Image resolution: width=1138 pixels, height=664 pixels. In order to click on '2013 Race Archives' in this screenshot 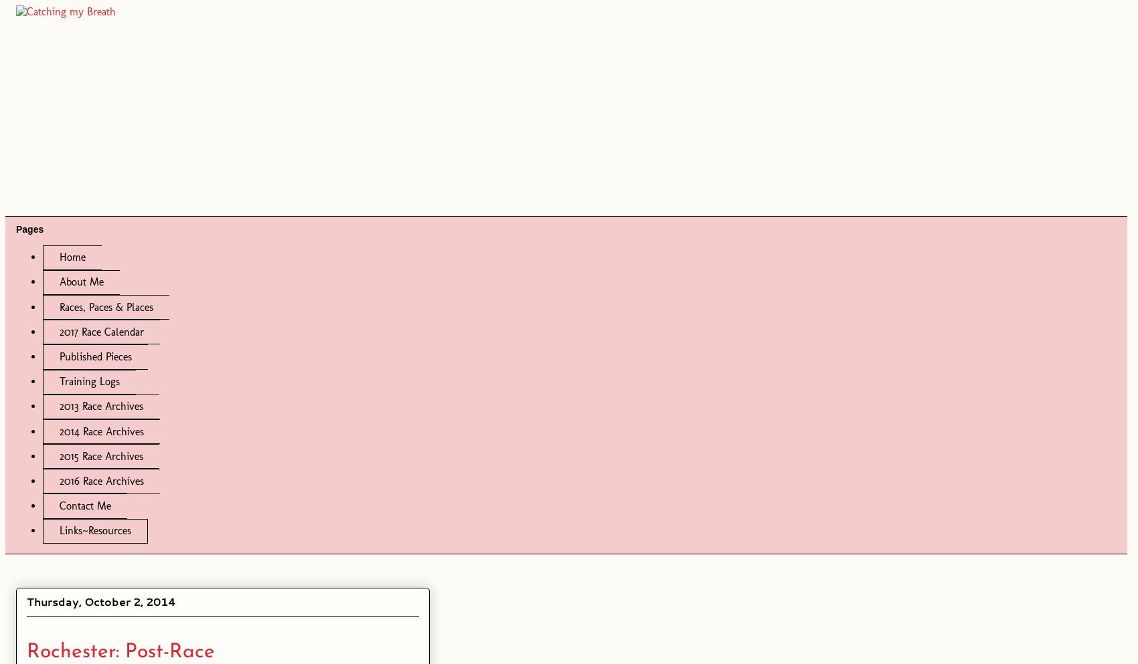, I will do `click(60, 406)`.